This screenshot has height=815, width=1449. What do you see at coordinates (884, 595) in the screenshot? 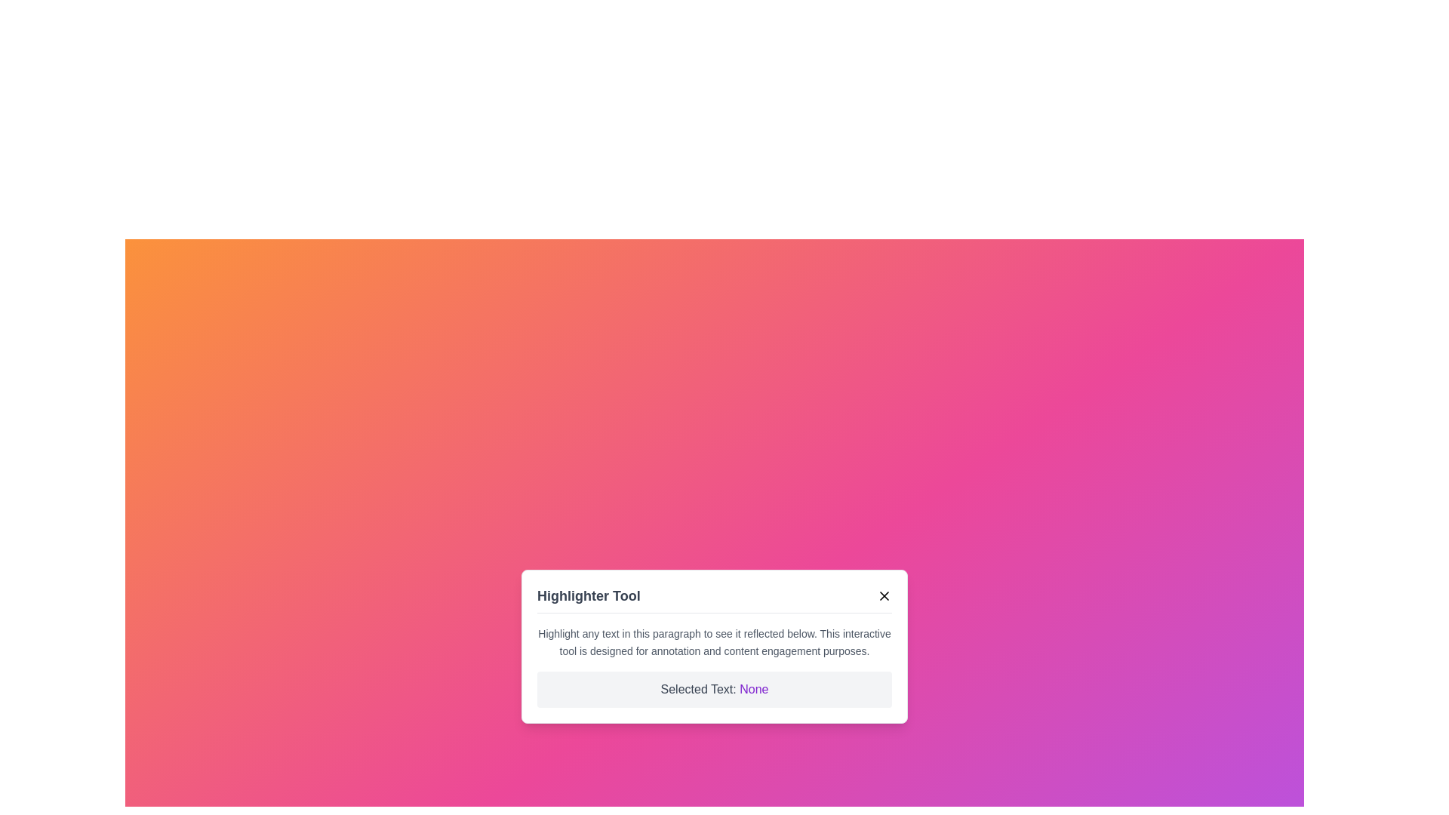
I see `the close button (X) to dismiss the dialog` at bounding box center [884, 595].